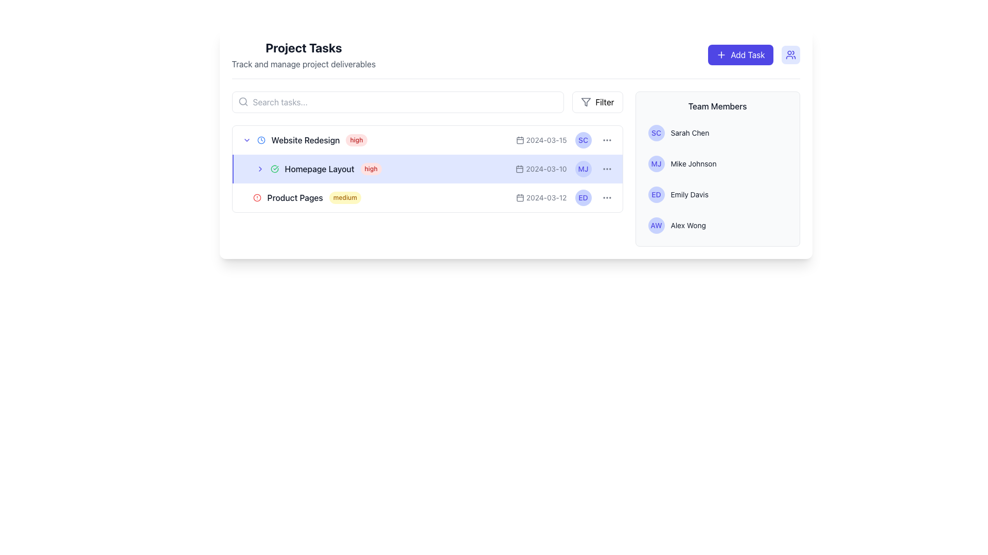 The height and width of the screenshot is (555, 988). Describe the element at coordinates (694, 163) in the screenshot. I see `the Text label identifying the team member next to the circular badge labeled 'MJ' in the 'Team Members' section on the right-hand side of the interface` at that location.